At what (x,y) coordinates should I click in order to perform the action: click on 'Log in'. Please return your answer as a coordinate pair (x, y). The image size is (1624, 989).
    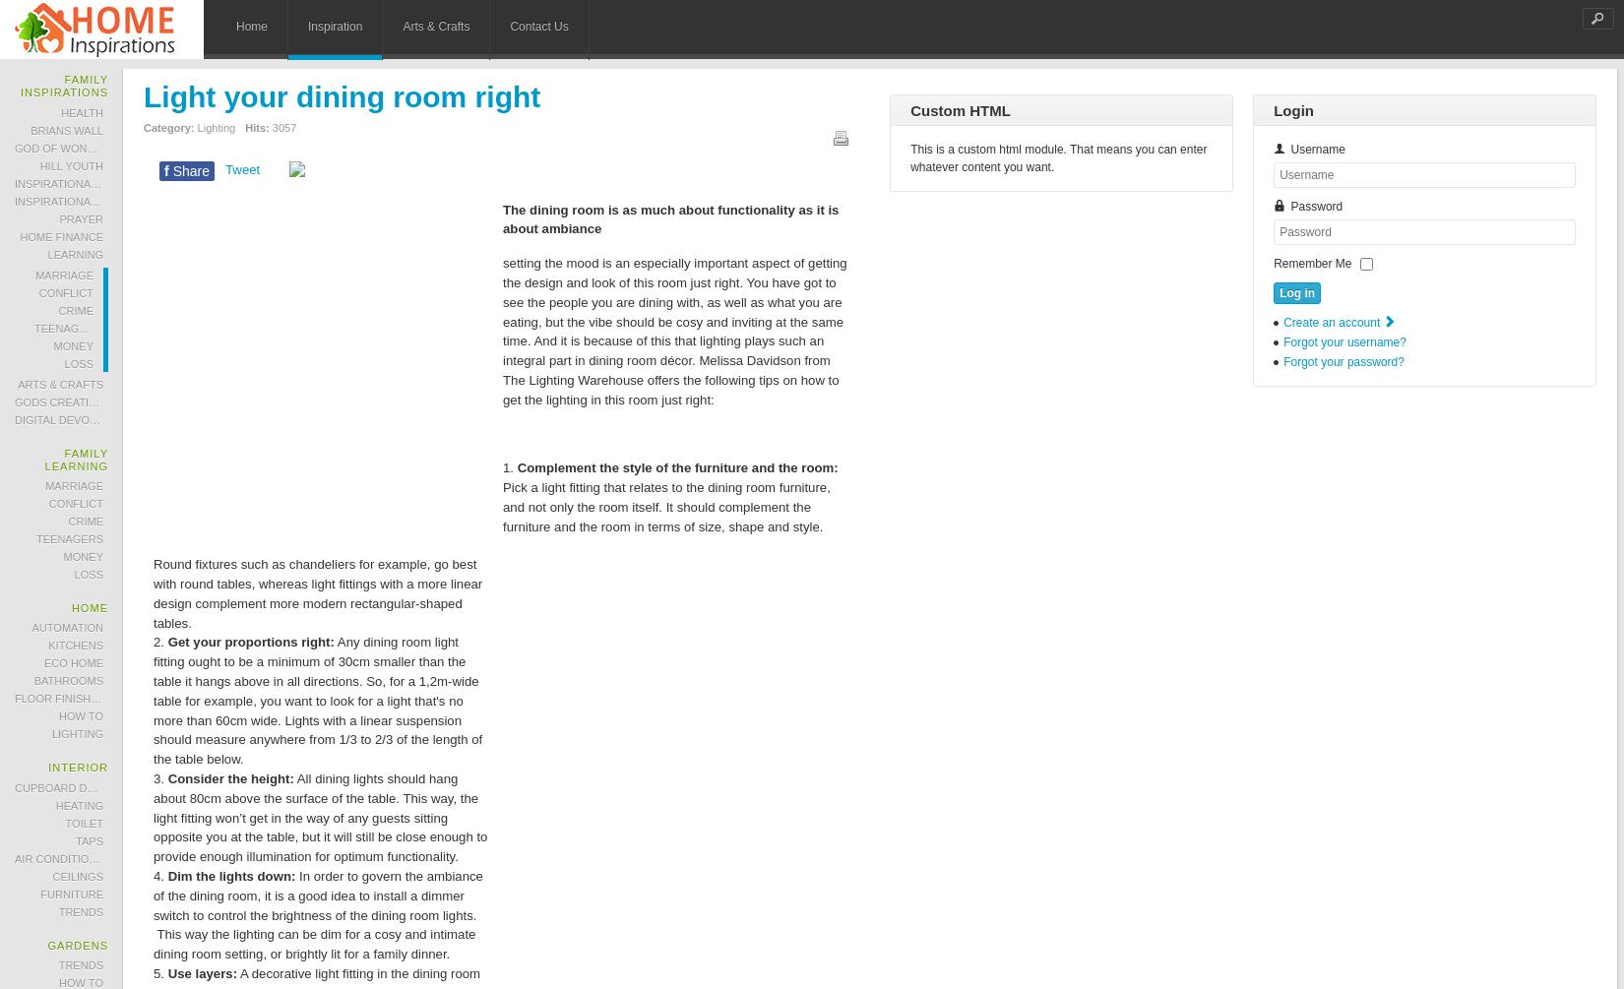
    Looking at the image, I should click on (1296, 291).